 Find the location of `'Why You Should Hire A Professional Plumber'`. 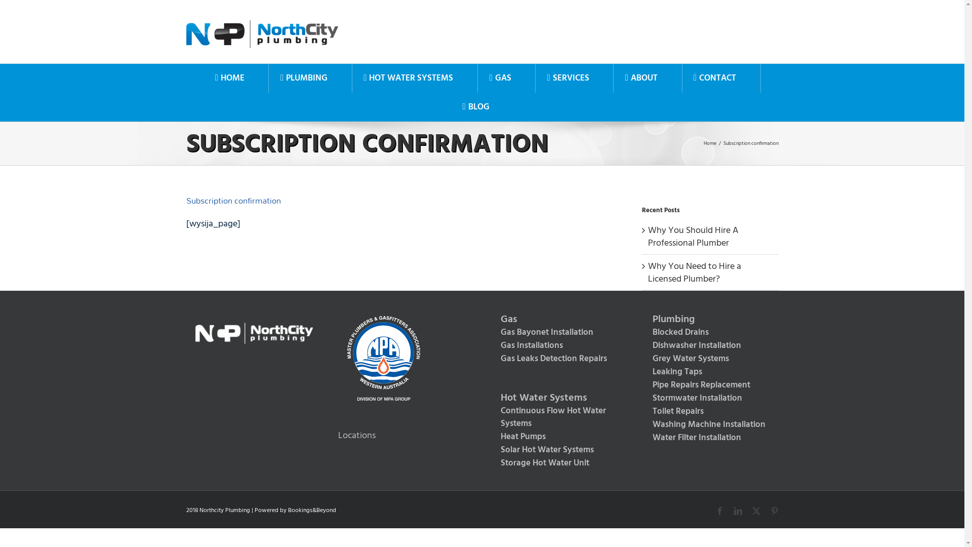

'Why You Should Hire A Professional Plumber' is located at coordinates (693, 236).